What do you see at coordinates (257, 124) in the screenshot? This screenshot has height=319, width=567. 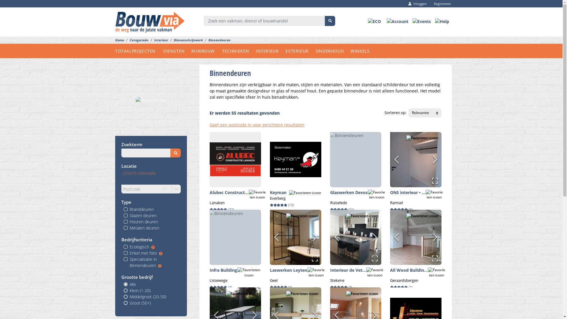 I see `'Geef een postcode in voor gerichtere resultaten'` at bounding box center [257, 124].